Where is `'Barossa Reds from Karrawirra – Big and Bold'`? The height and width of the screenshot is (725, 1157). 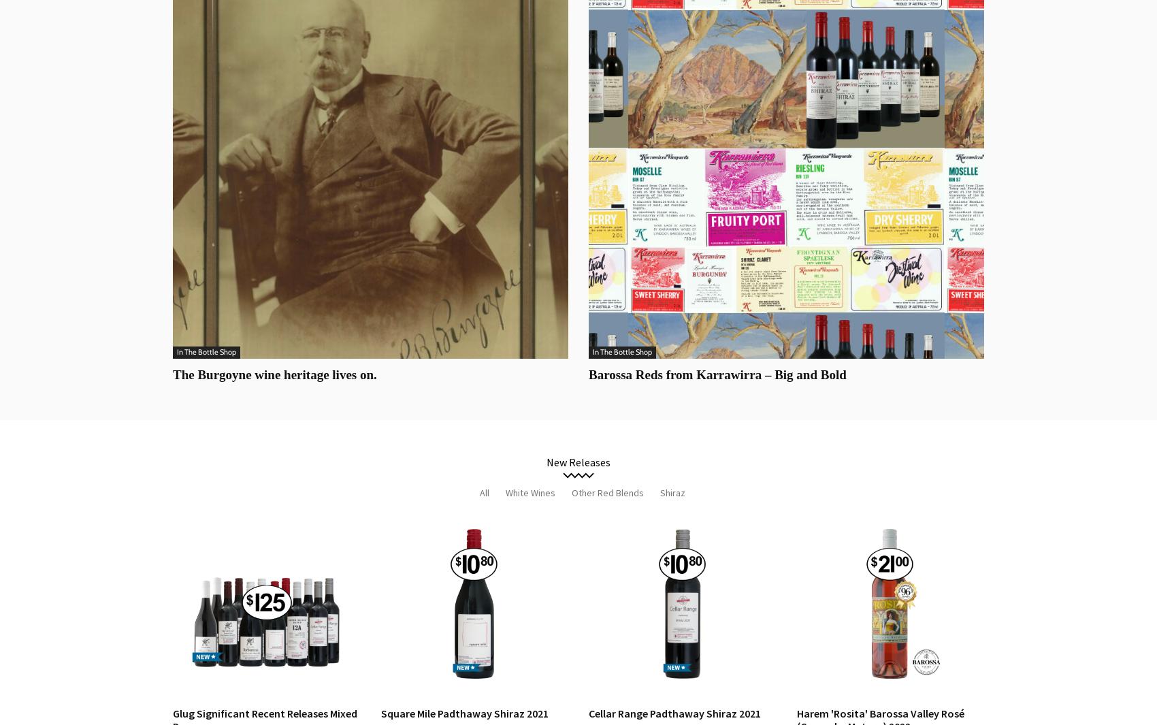 'Barossa Reds from Karrawirra – Big and Bold' is located at coordinates (717, 374).